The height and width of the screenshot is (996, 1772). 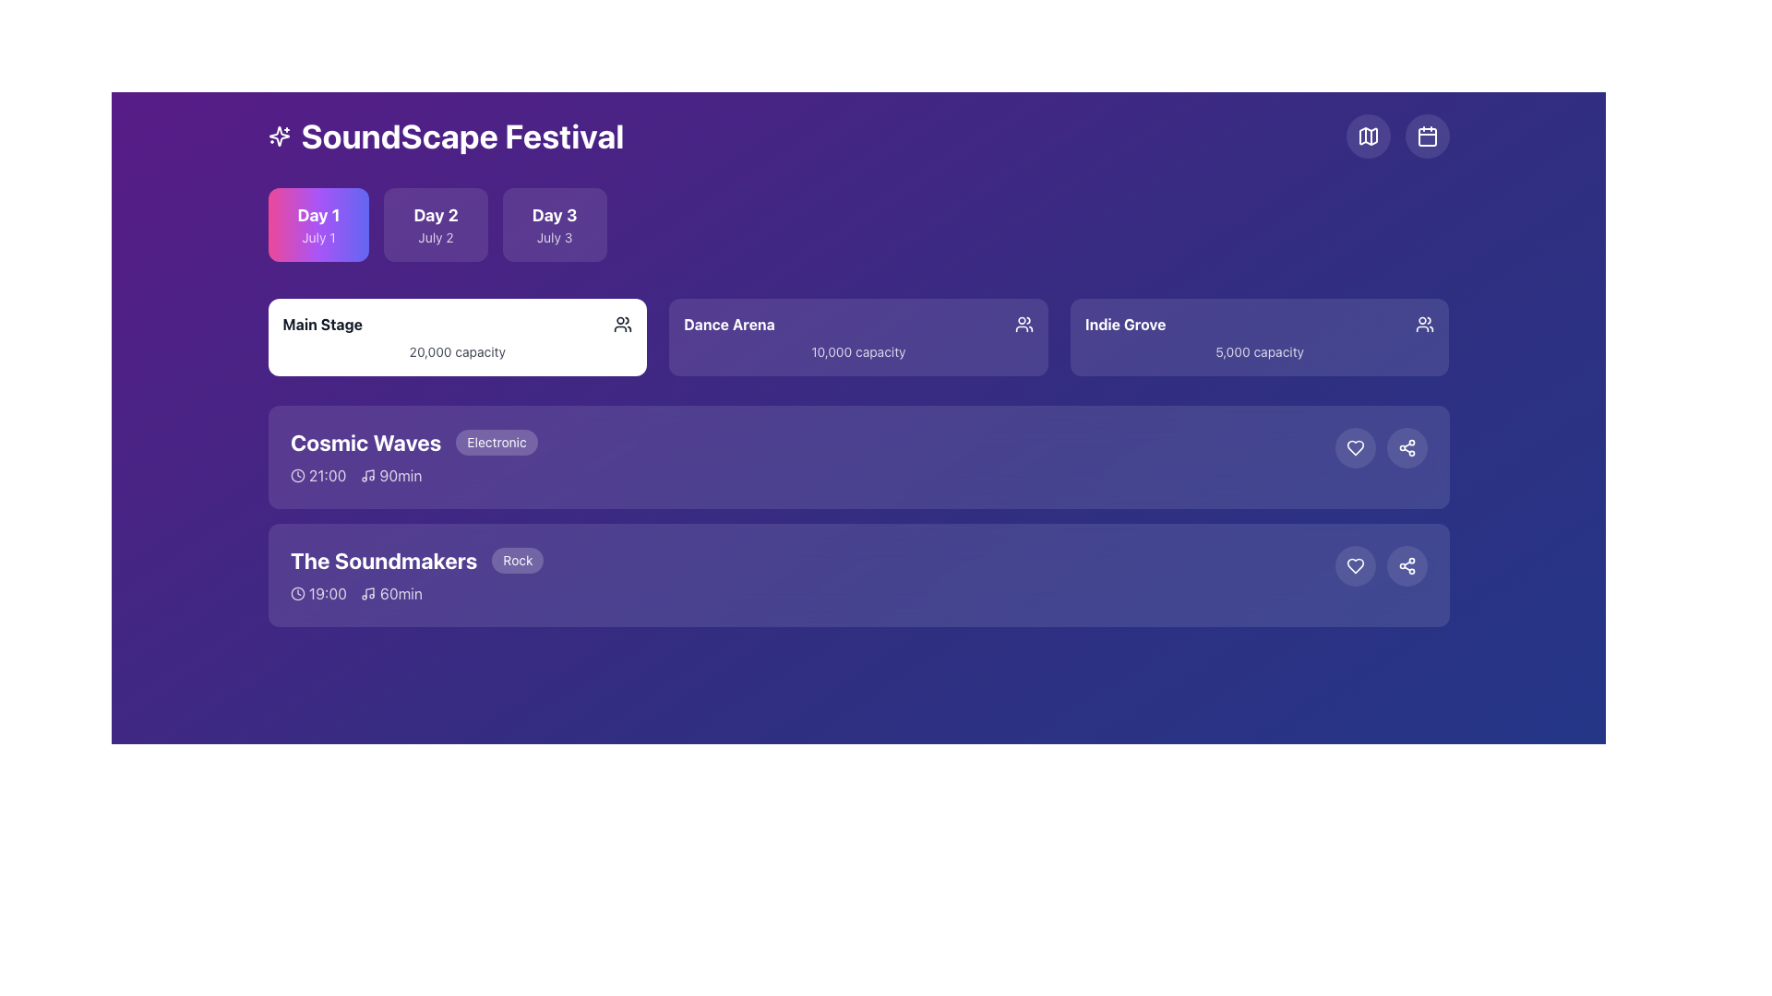 I want to click on the button labeled 'Day 3' with a white, semi-transparent background and rounded corners to change its appearance, so click(x=554, y=223).